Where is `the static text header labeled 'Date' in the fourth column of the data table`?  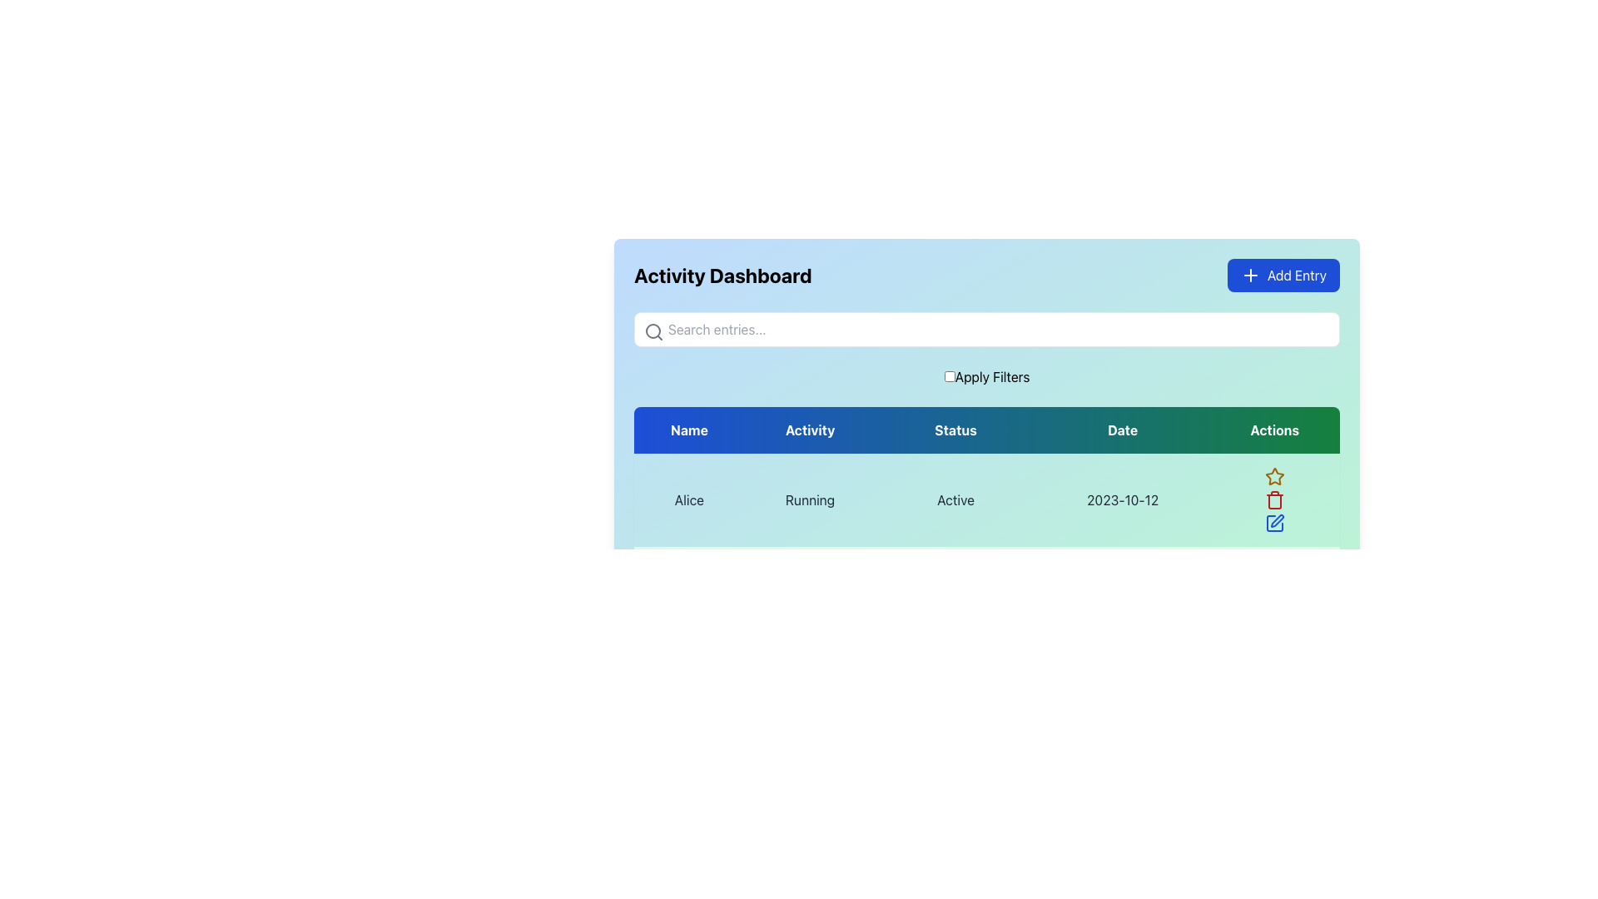 the static text header labeled 'Date' in the fourth column of the data table is located at coordinates (1123, 429).